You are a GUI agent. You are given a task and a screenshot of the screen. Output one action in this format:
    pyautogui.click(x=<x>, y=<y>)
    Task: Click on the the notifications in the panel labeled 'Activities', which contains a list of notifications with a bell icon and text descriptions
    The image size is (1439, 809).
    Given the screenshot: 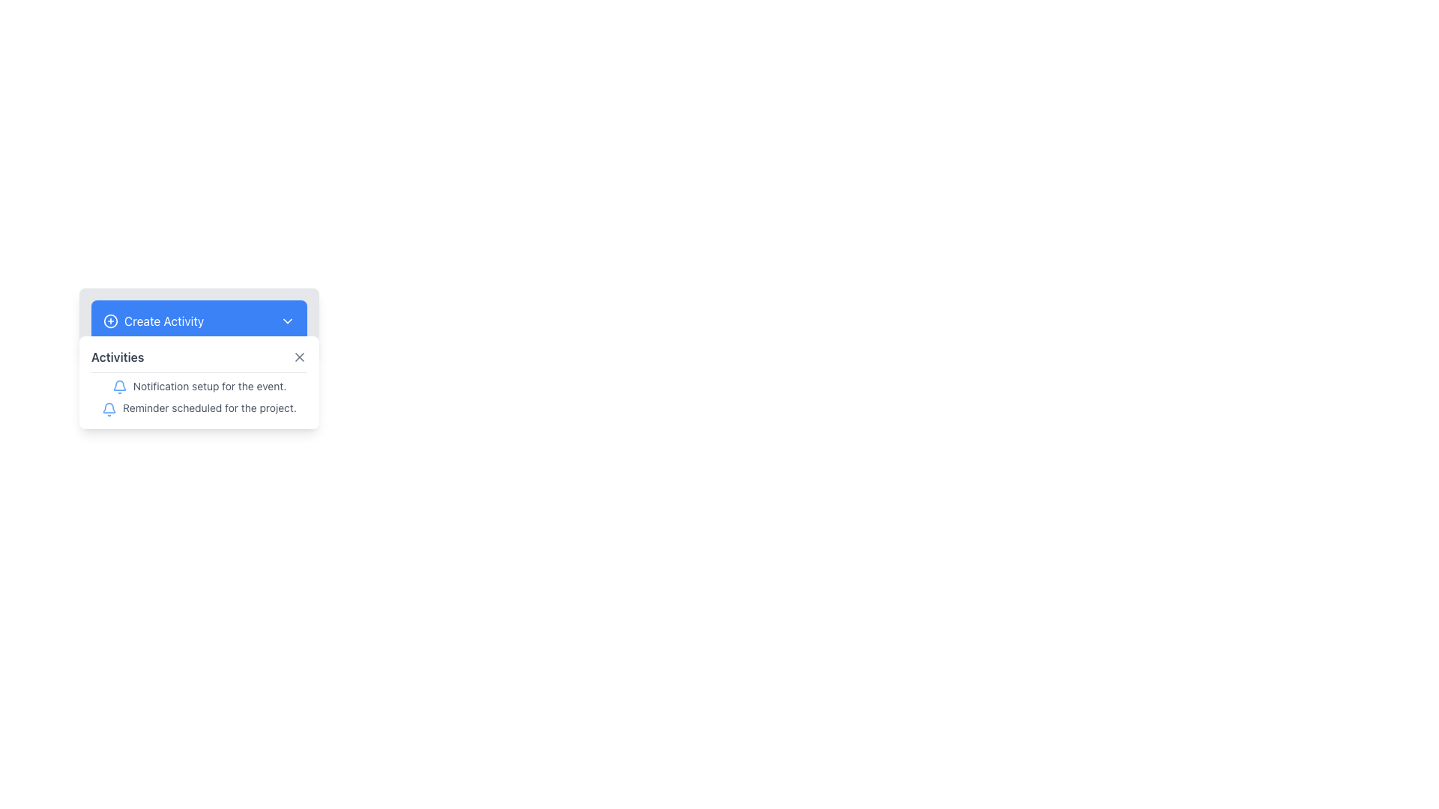 What is the action you would take?
    pyautogui.click(x=198, y=381)
    